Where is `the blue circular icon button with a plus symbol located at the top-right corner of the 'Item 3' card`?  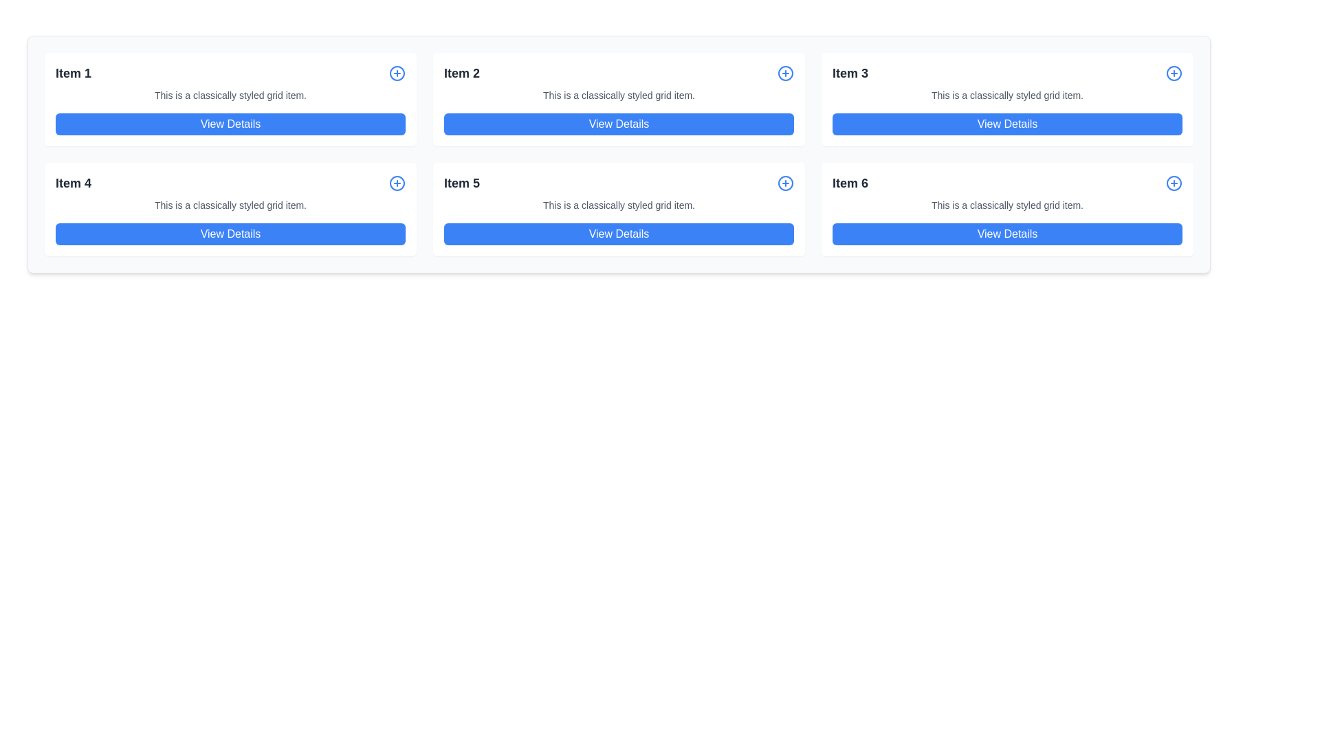 the blue circular icon button with a plus symbol located at the top-right corner of the 'Item 3' card is located at coordinates (1174, 74).